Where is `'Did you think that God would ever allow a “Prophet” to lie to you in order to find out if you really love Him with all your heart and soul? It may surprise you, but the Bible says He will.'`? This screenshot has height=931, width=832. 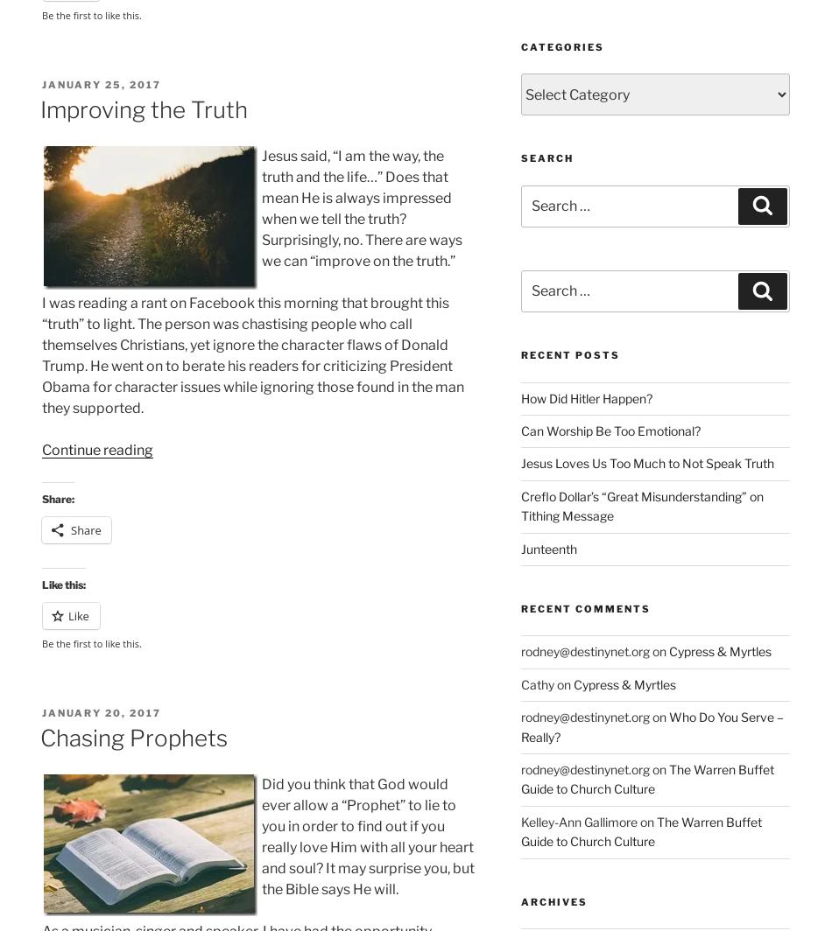
'Did you think that God would ever allow a “Prophet” to lie to you in order to find out if you really love Him with all your heart and soul? It may surprise you, but the Bible says He will.' is located at coordinates (367, 836).